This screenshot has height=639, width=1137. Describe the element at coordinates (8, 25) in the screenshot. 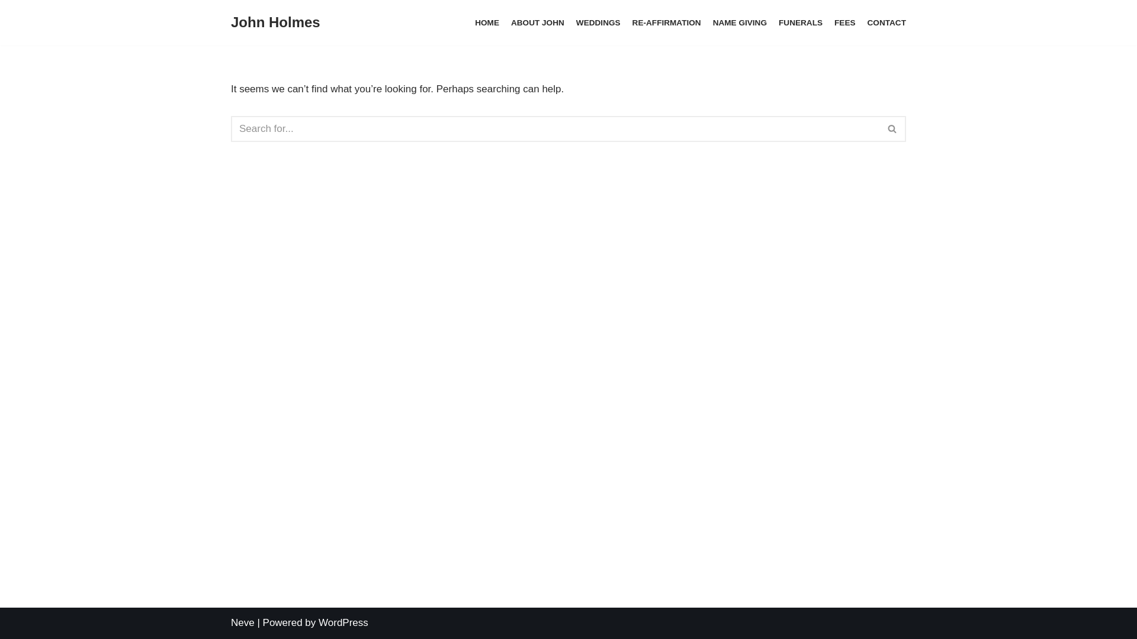

I see `'Skip to content'` at that location.